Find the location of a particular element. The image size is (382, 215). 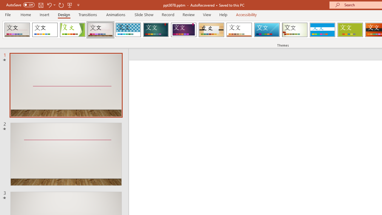

'Slice' is located at coordinates (267, 30).